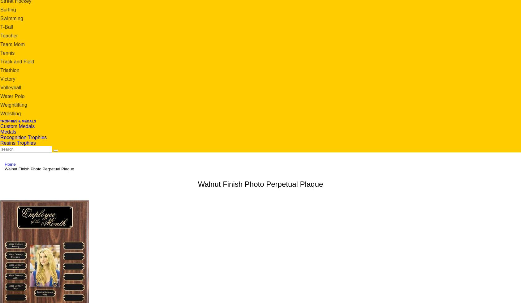 Image resolution: width=521 pixels, height=303 pixels. I want to click on 'Wrestling', so click(10, 113).